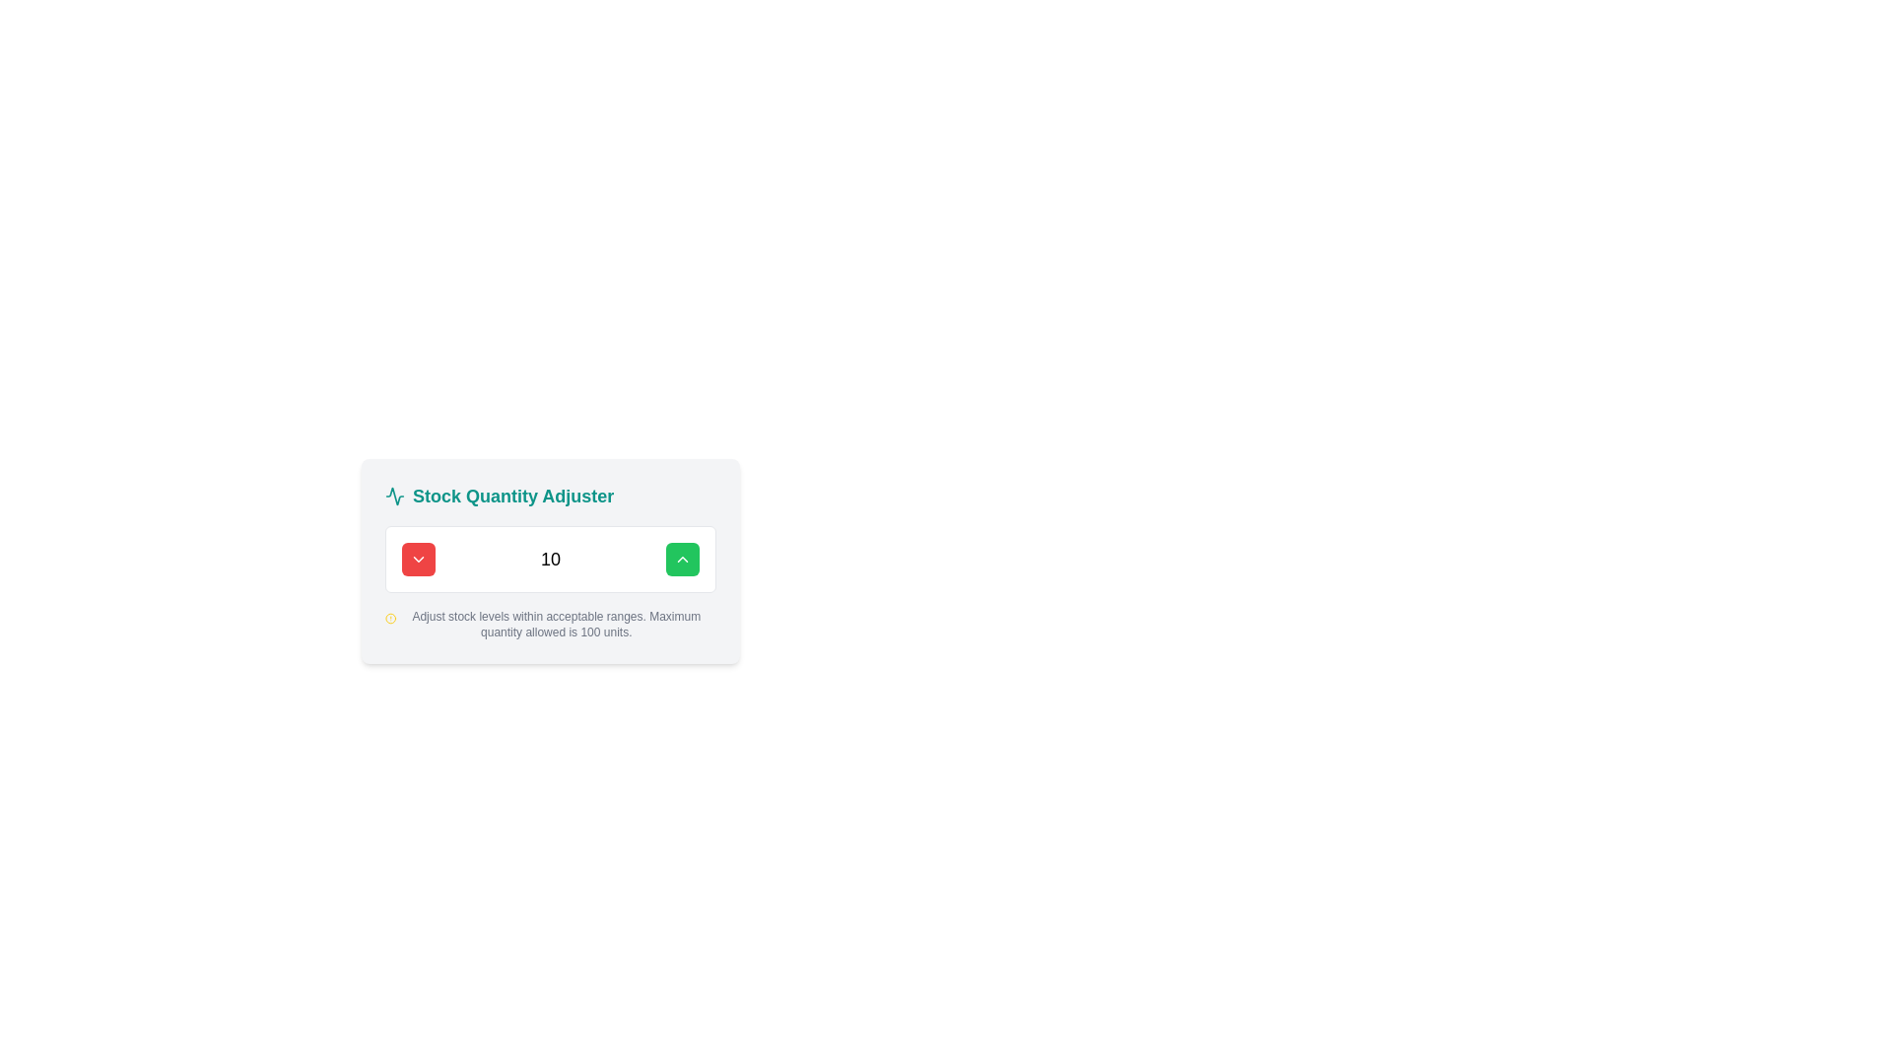 This screenshot has height=1064, width=1892. Describe the element at coordinates (682, 559) in the screenshot. I see `the green button with a white upward-pointing arrow` at that location.